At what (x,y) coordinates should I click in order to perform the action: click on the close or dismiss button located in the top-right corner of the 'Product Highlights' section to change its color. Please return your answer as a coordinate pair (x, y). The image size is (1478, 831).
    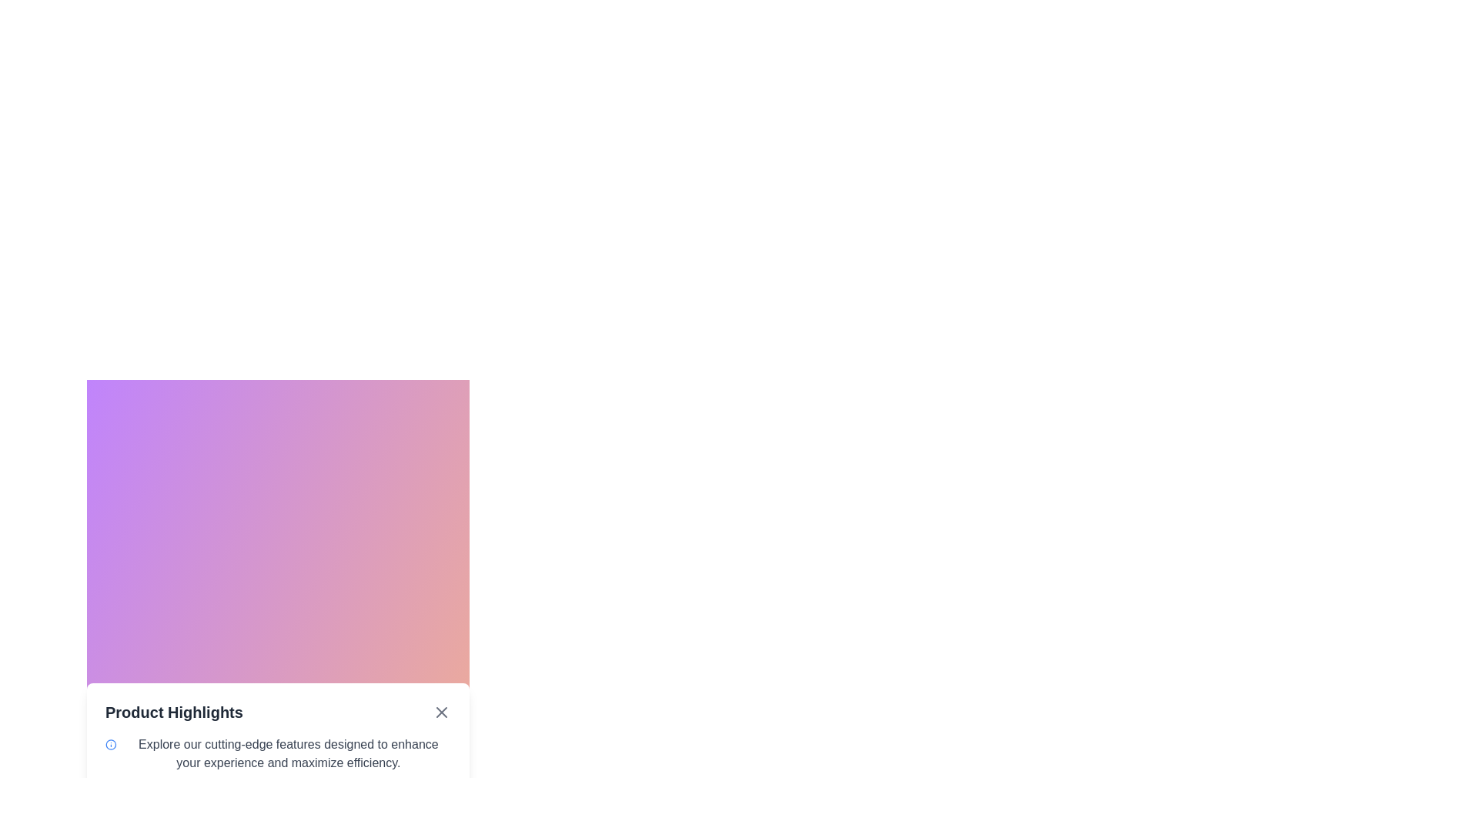
    Looking at the image, I should click on (441, 712).